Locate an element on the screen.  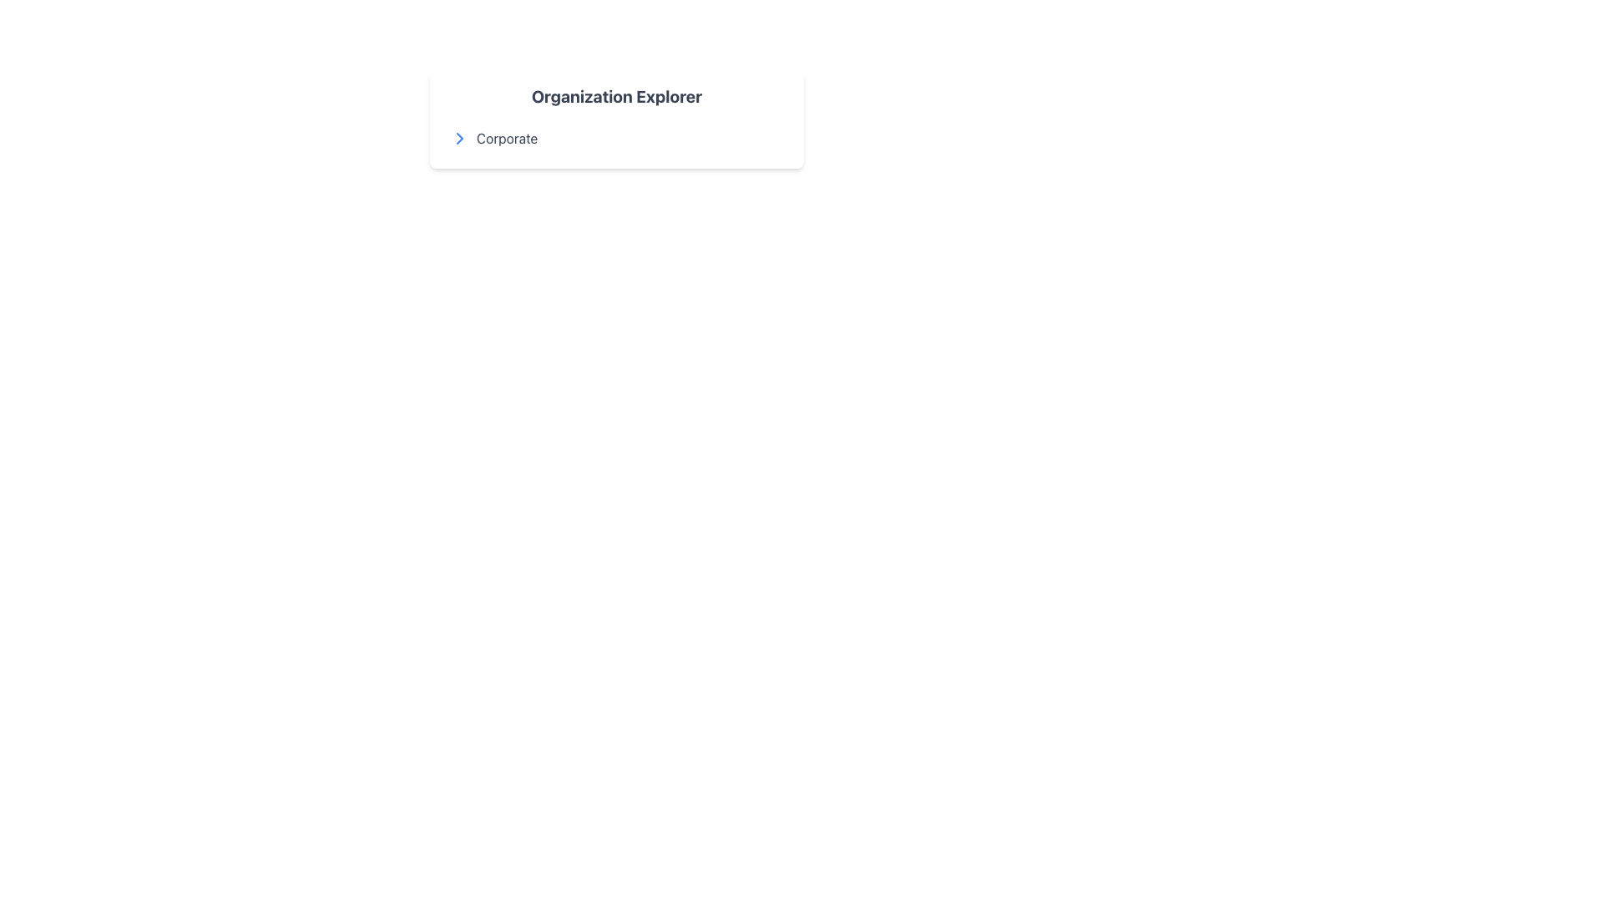
the blue right arrow icon located in the 'Organization Explorer' section is located at coordinates (460, 137).